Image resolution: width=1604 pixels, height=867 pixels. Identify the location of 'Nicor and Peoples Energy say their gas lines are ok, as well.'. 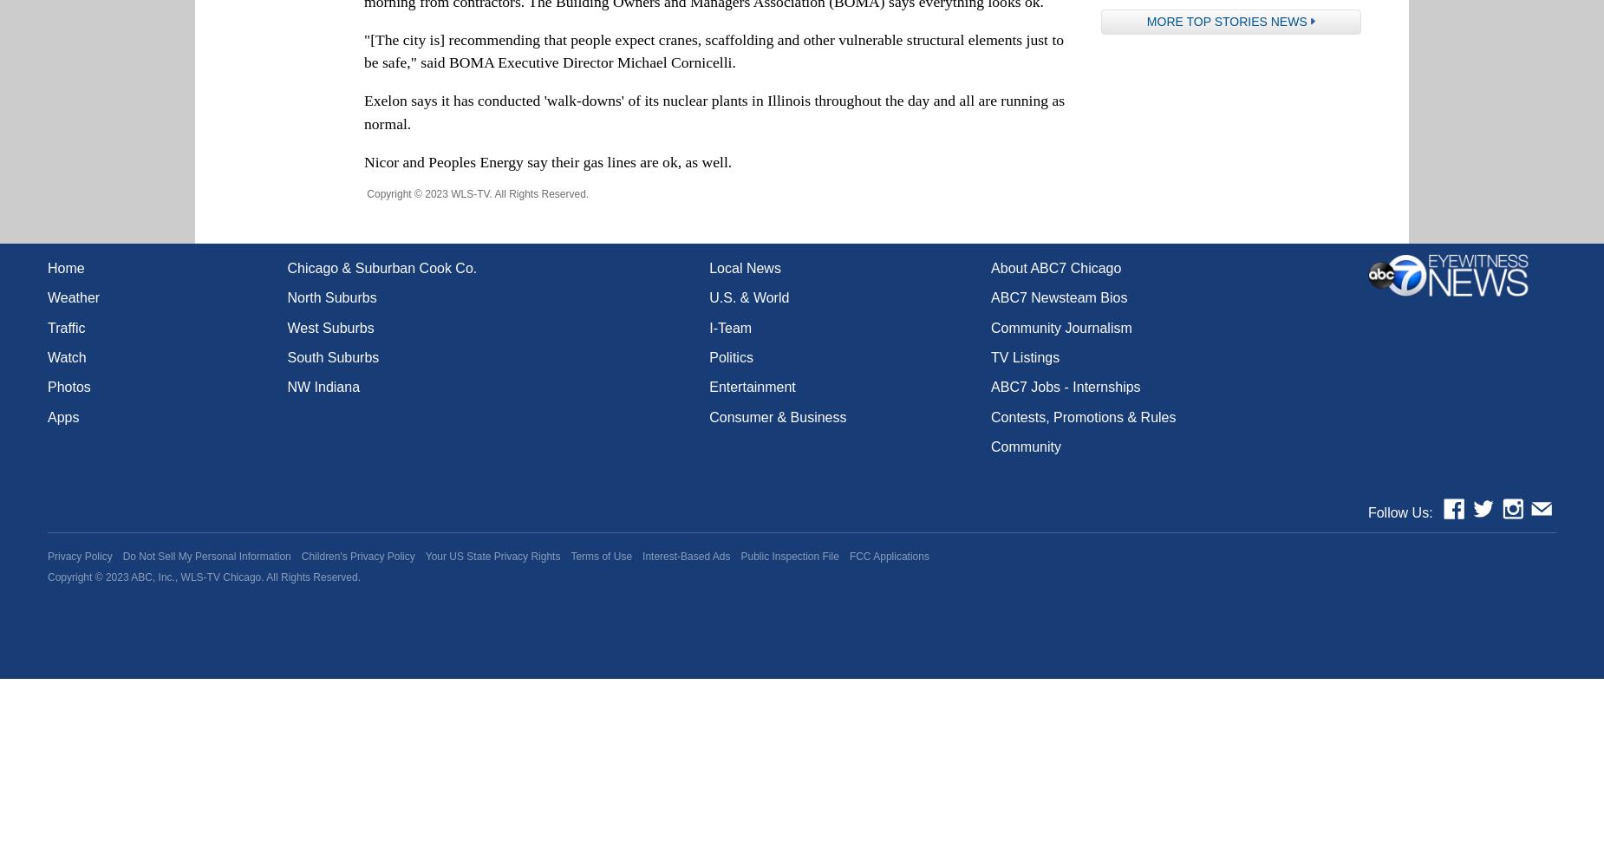
(547, 161).